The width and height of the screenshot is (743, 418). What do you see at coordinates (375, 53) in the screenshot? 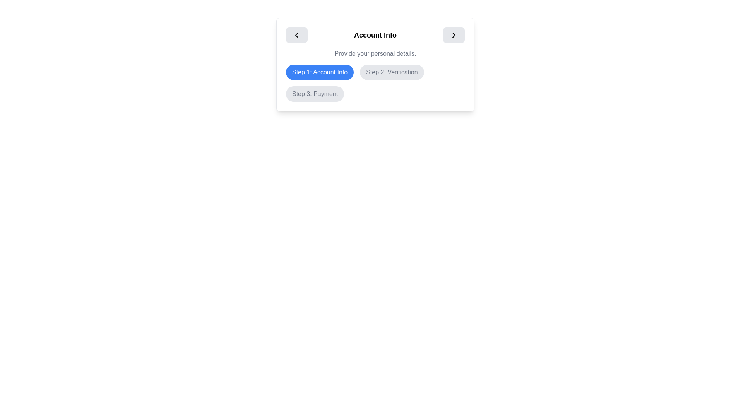
I see `the static instruction text that prompts the user to provide their personal details, located below the 'Account Info' header and above the step navigation buttons` at bounding box center [375, 53].